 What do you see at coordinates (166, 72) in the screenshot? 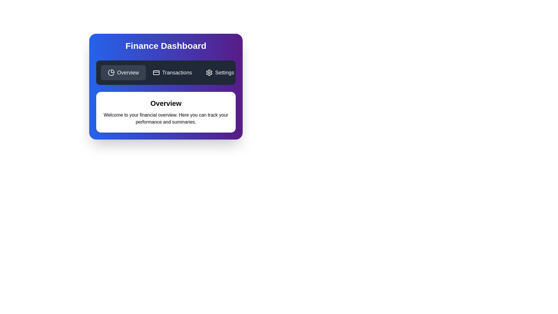
I see `the Navigation bar for potential hover effects, which includes 'Overview', 'Transactions', and 'Settings' sections` at bounding box center [166, 72].